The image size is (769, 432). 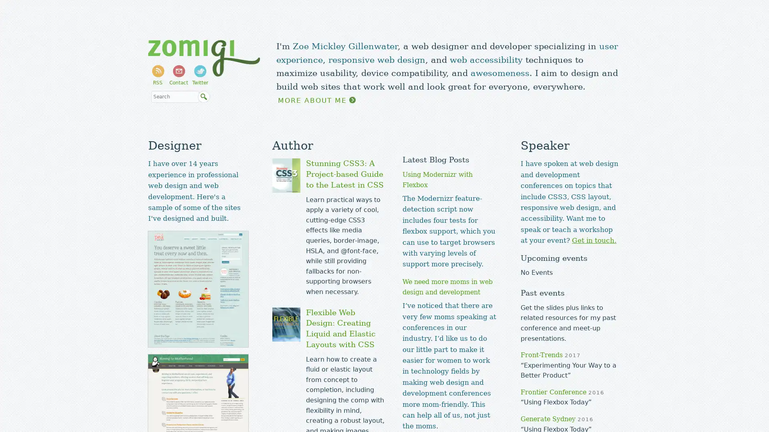 I want to click on search, so click(x=203, y=97).